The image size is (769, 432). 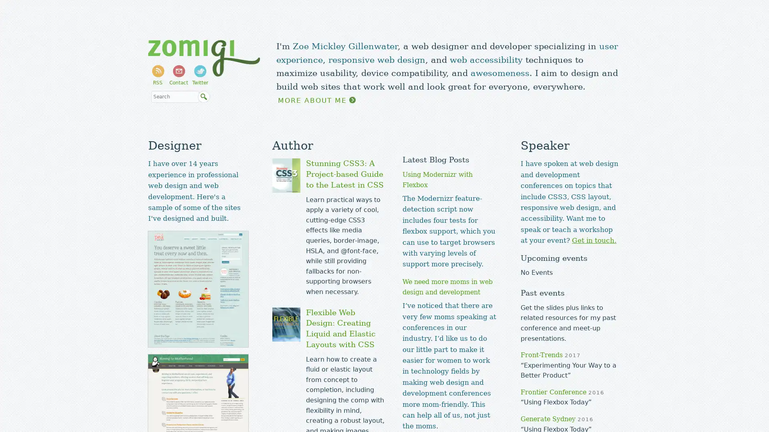 I want to click on search, so click(x=203, y=97).